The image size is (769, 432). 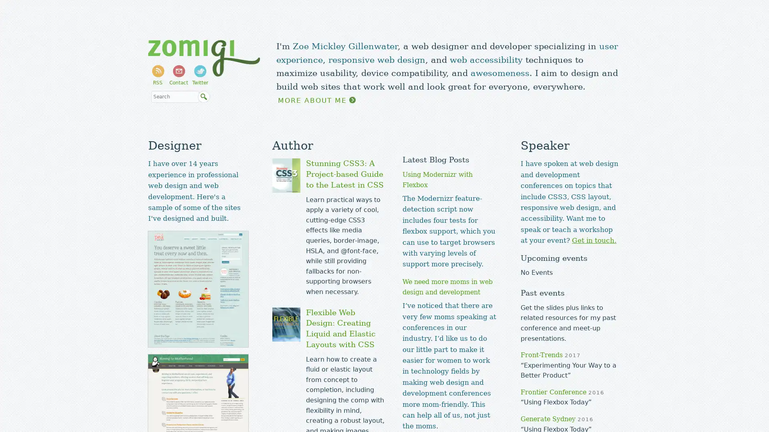 I want to click on search, so click(x=203, y=97).